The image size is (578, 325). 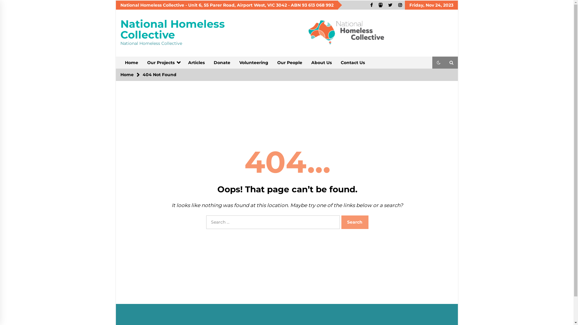 What do you see at coordinates (353, 63) in the screenshot?
I see `'Contact Us'` at bounding box center [353, 63].